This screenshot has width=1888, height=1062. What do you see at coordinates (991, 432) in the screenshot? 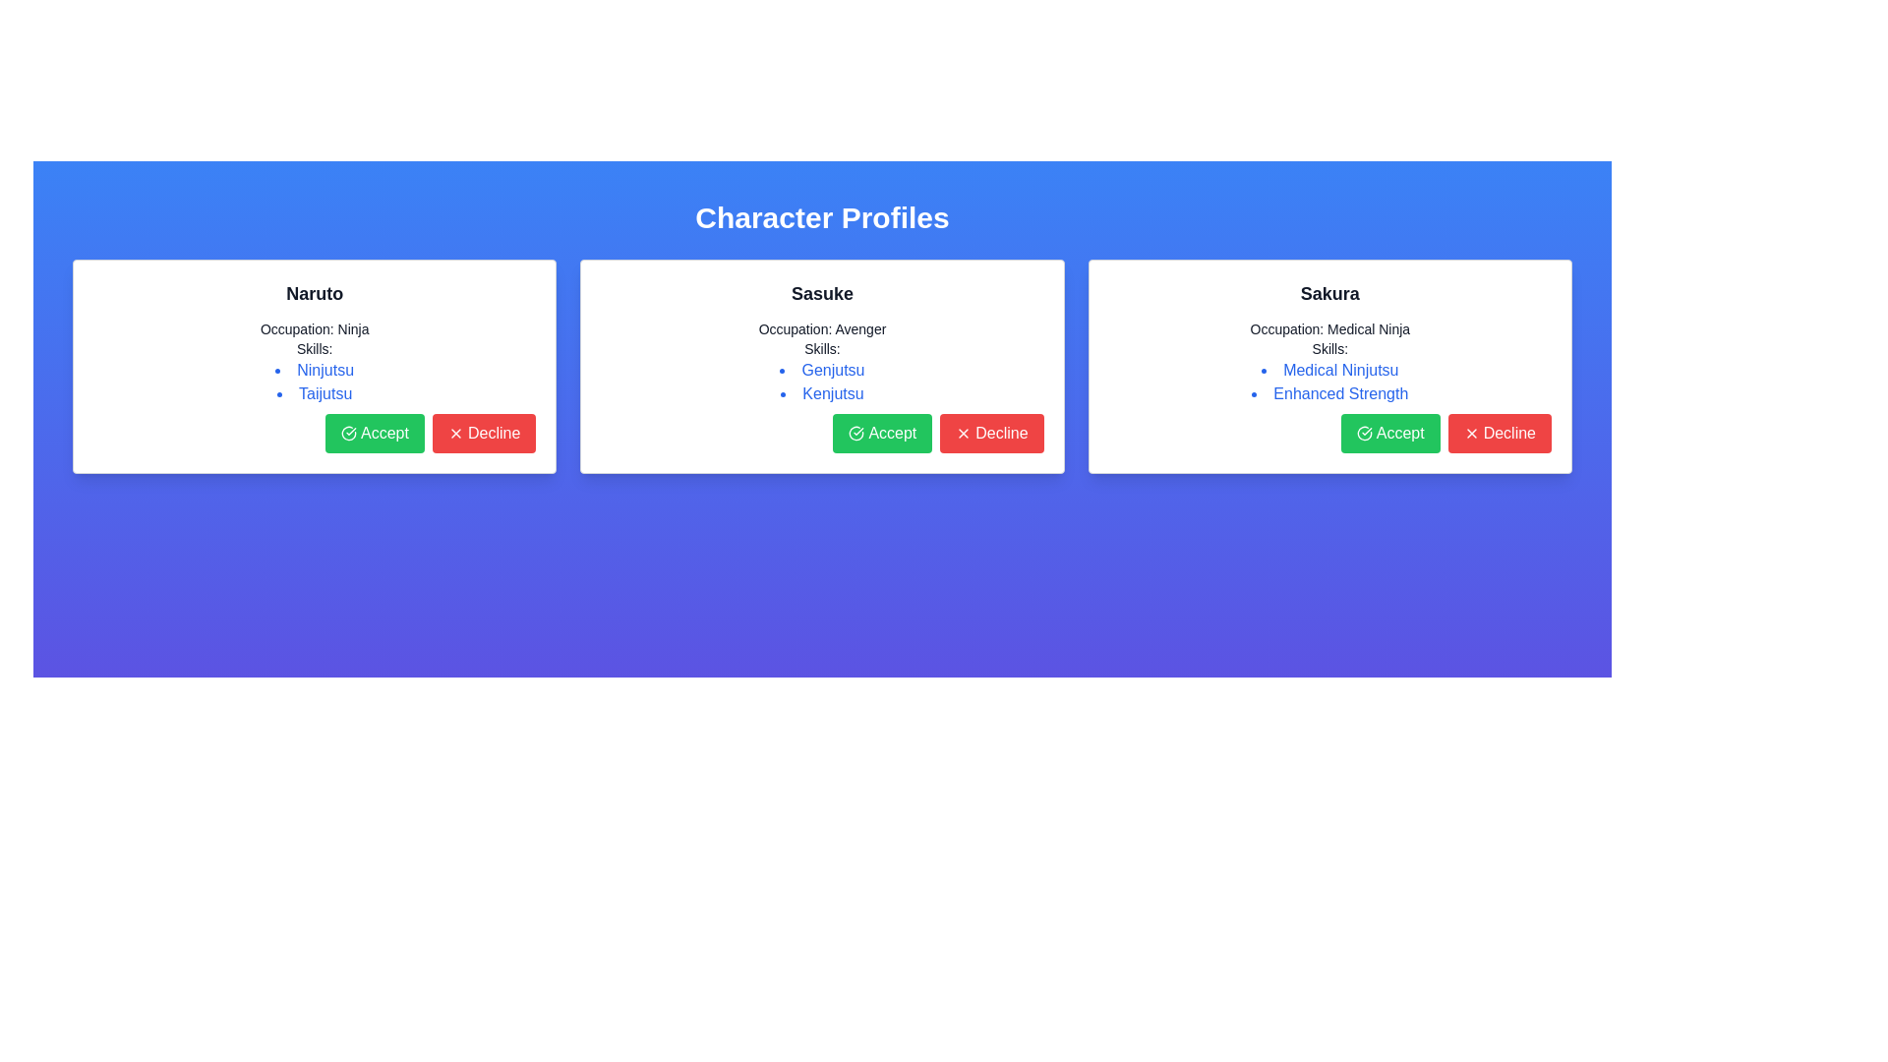
I see `the red 'Decline' button with white text and an 'X' icon, located in the bottom-right corner next to the green 'Accept' button` at bounding box center [991, 432].